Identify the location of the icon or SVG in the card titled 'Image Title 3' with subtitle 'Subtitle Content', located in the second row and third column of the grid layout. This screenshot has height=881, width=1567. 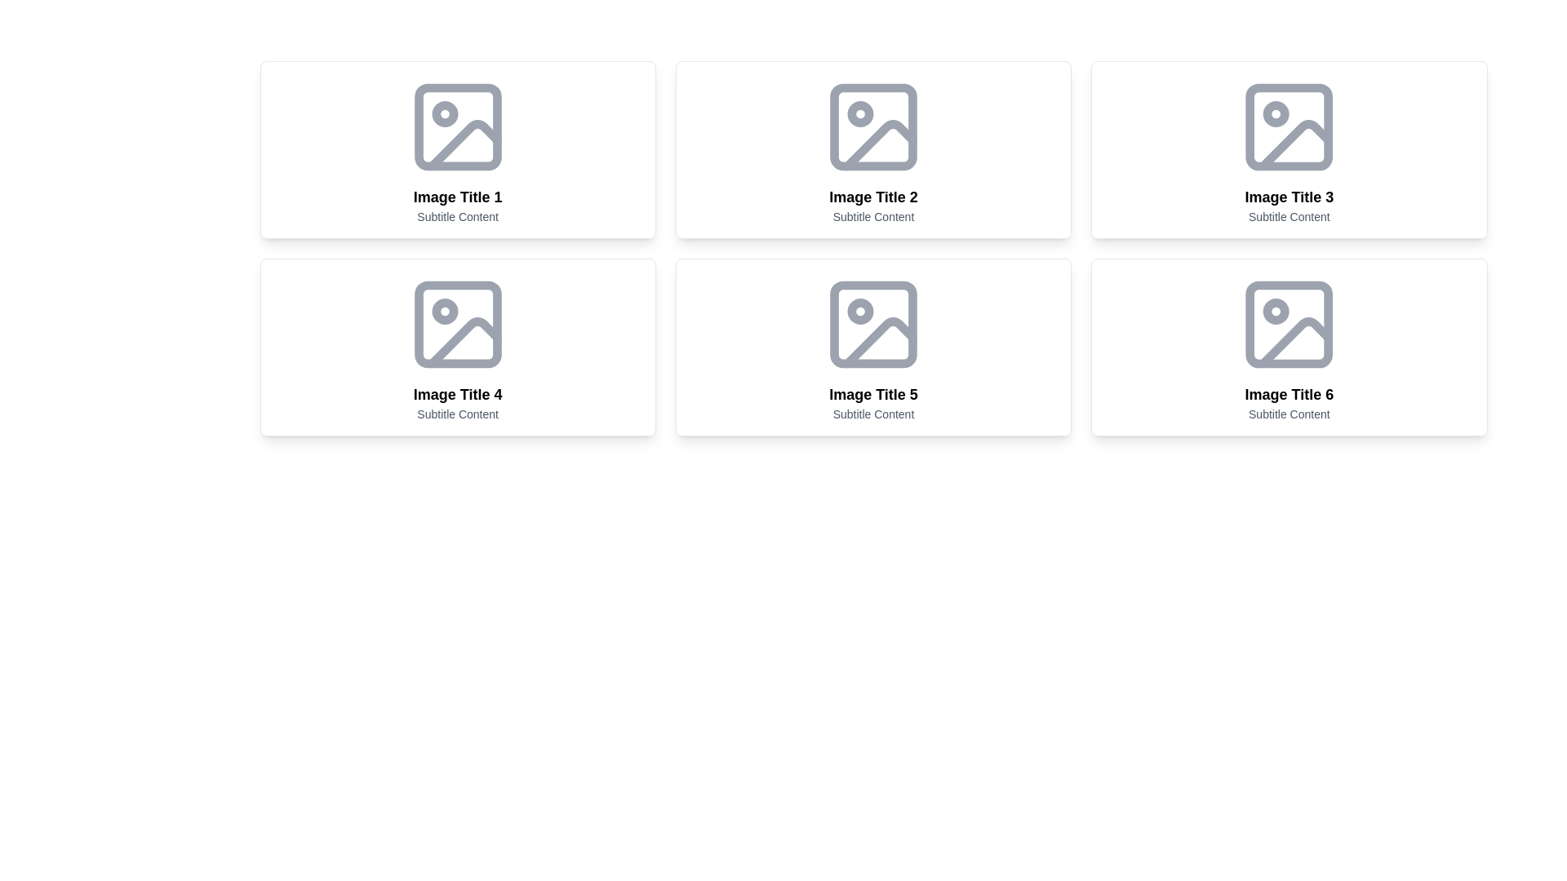
(1288, 126).